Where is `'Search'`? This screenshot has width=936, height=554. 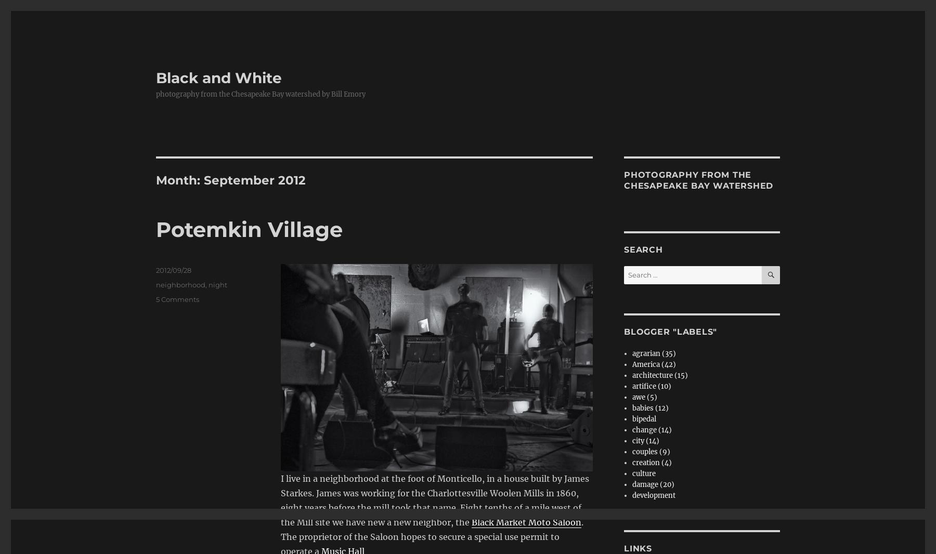
'Search' is located at coordinates (642, 249).